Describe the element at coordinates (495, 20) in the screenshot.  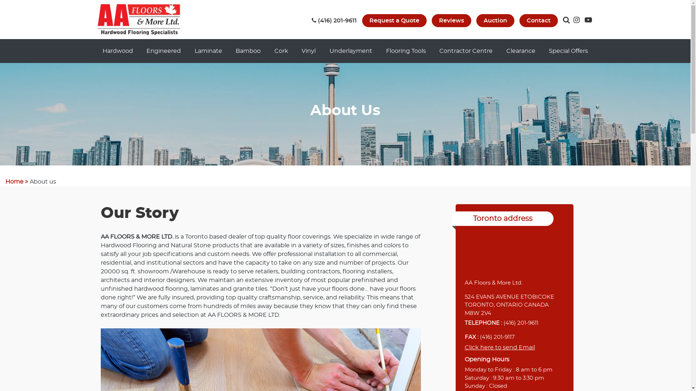
I see `'Auction'` at that location.